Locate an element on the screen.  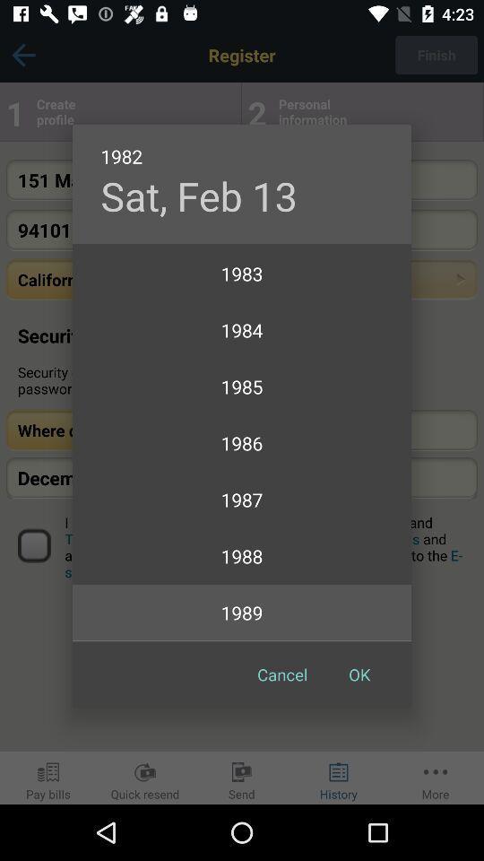
the item to the right of the cancel is located at coordinates (359, 674).